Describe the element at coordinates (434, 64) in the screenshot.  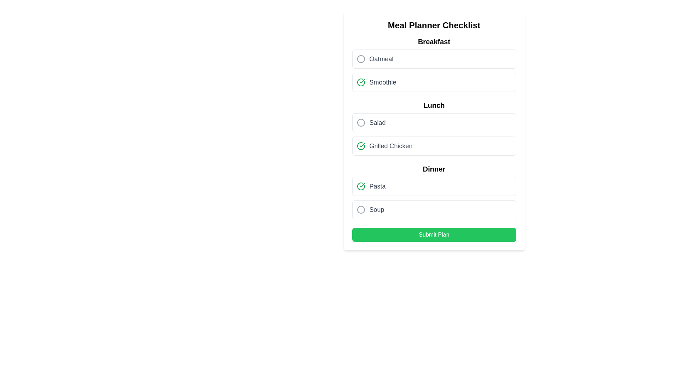
I see `the checkbox next to 'Oatmeal' in the 'Breakfast' section of the Meal Planner Checklist` at that location.